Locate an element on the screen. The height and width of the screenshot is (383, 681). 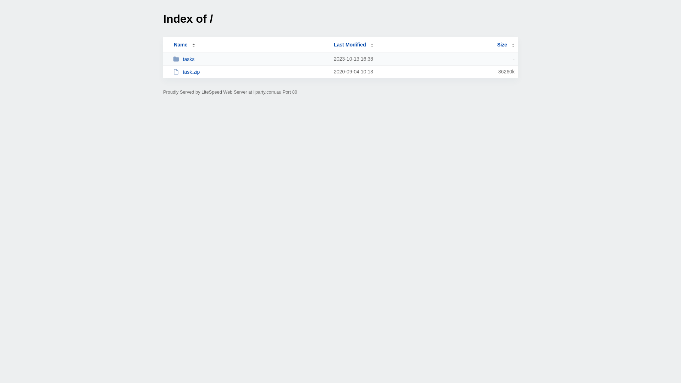
'Name' is located at coordinates (180, 45).